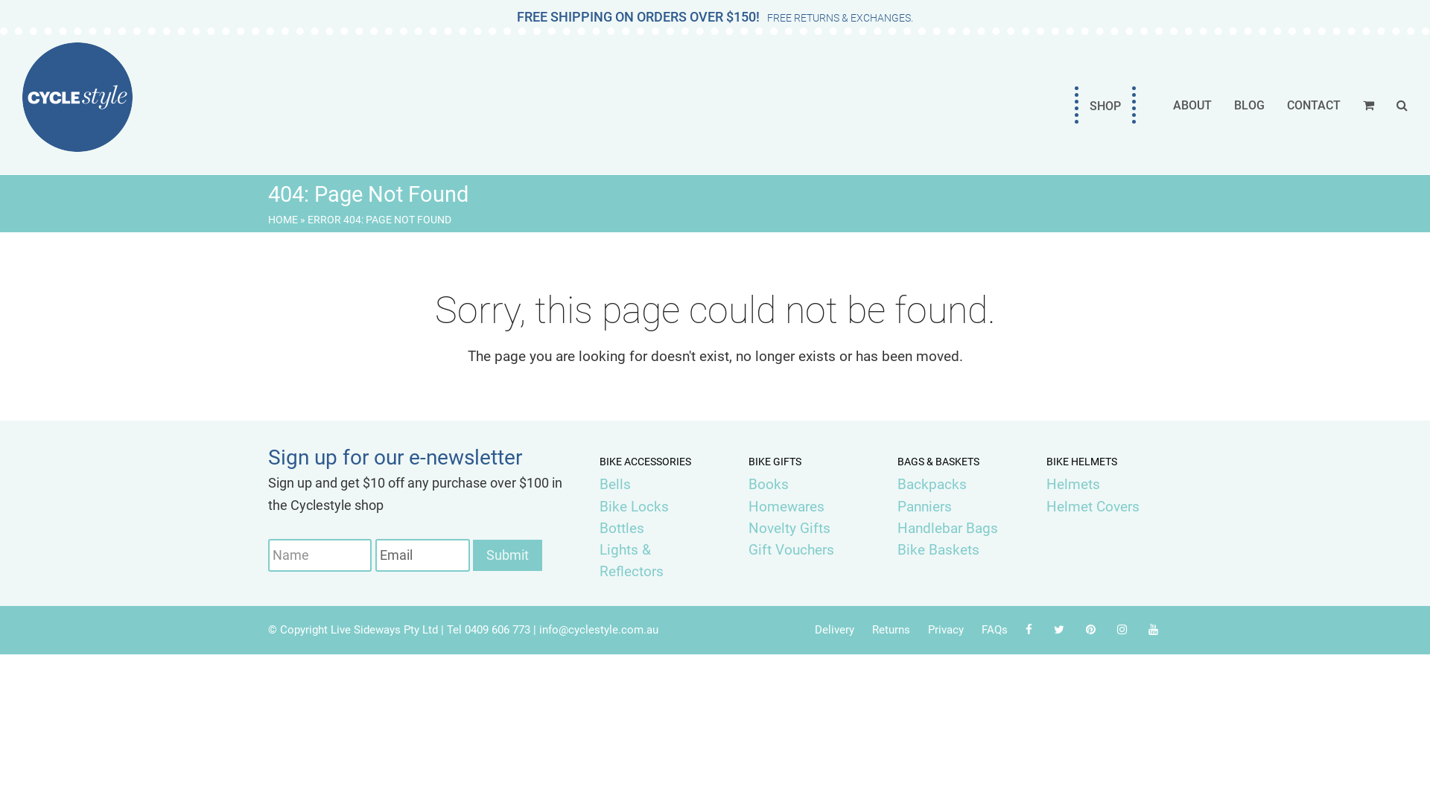 The width and height of the screenshot is (1430, 804). I want to click on 'ABOUT', so click(1161, 104).